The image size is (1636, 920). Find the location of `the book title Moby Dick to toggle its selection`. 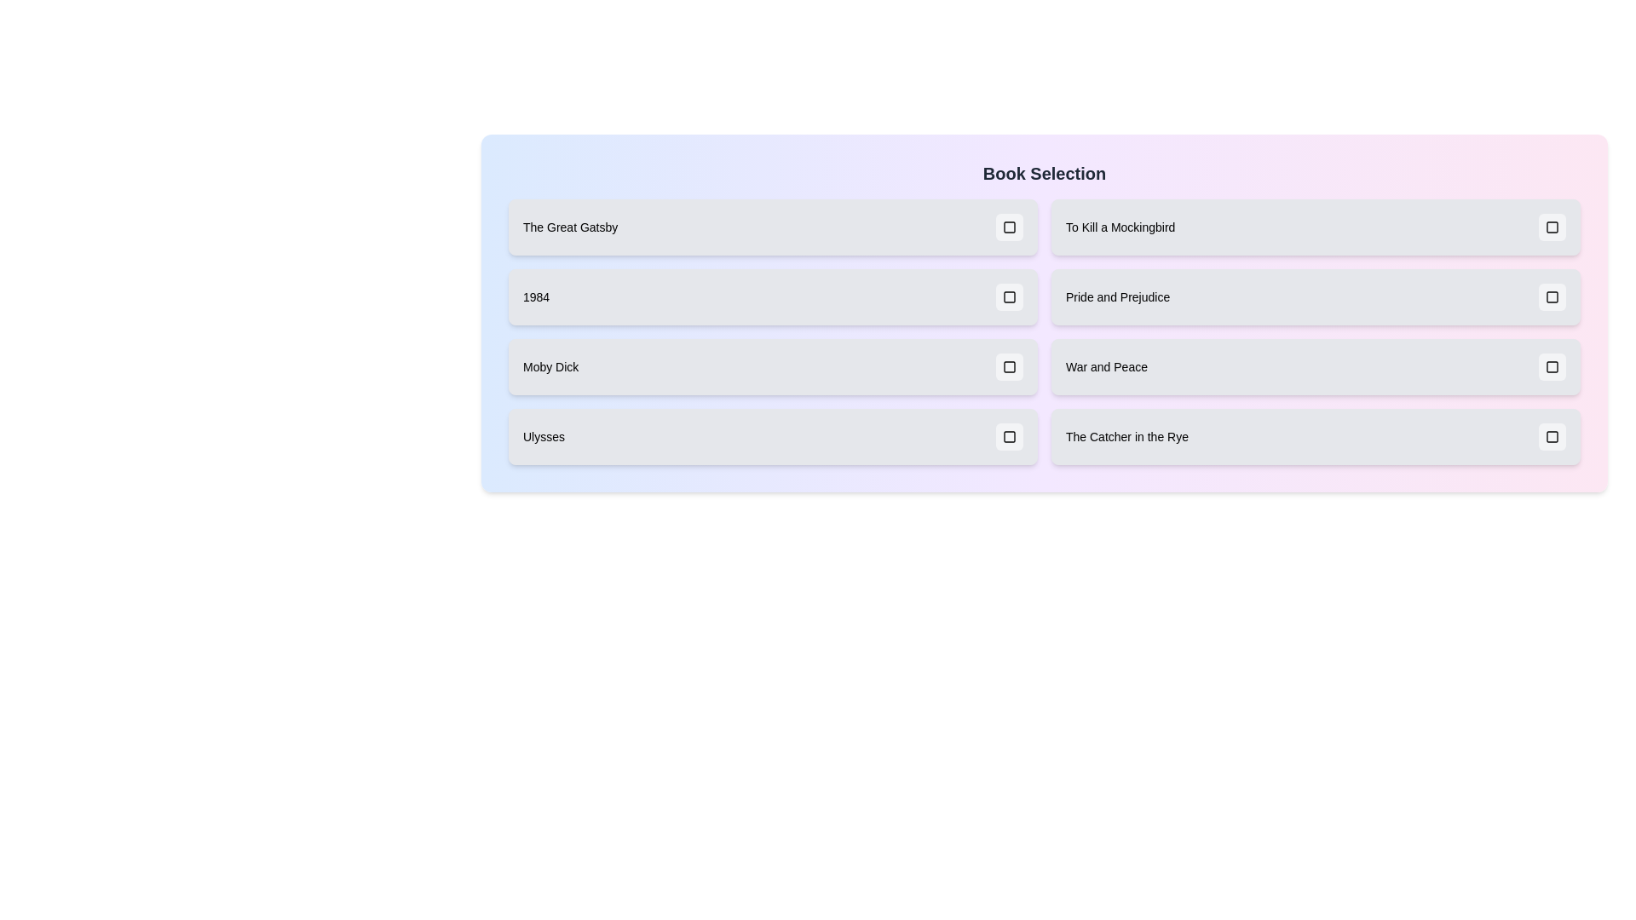

the book title Moby Dick to toggle its selection is located at coordinates (772, 366).